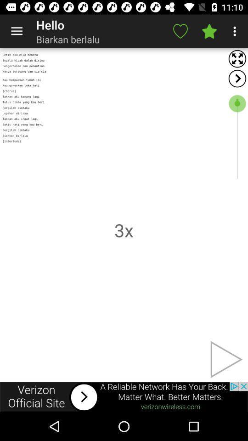  Describe the element at coordinates (237, 58) in the screenshot. I see `the fullscreen icon` at that location.